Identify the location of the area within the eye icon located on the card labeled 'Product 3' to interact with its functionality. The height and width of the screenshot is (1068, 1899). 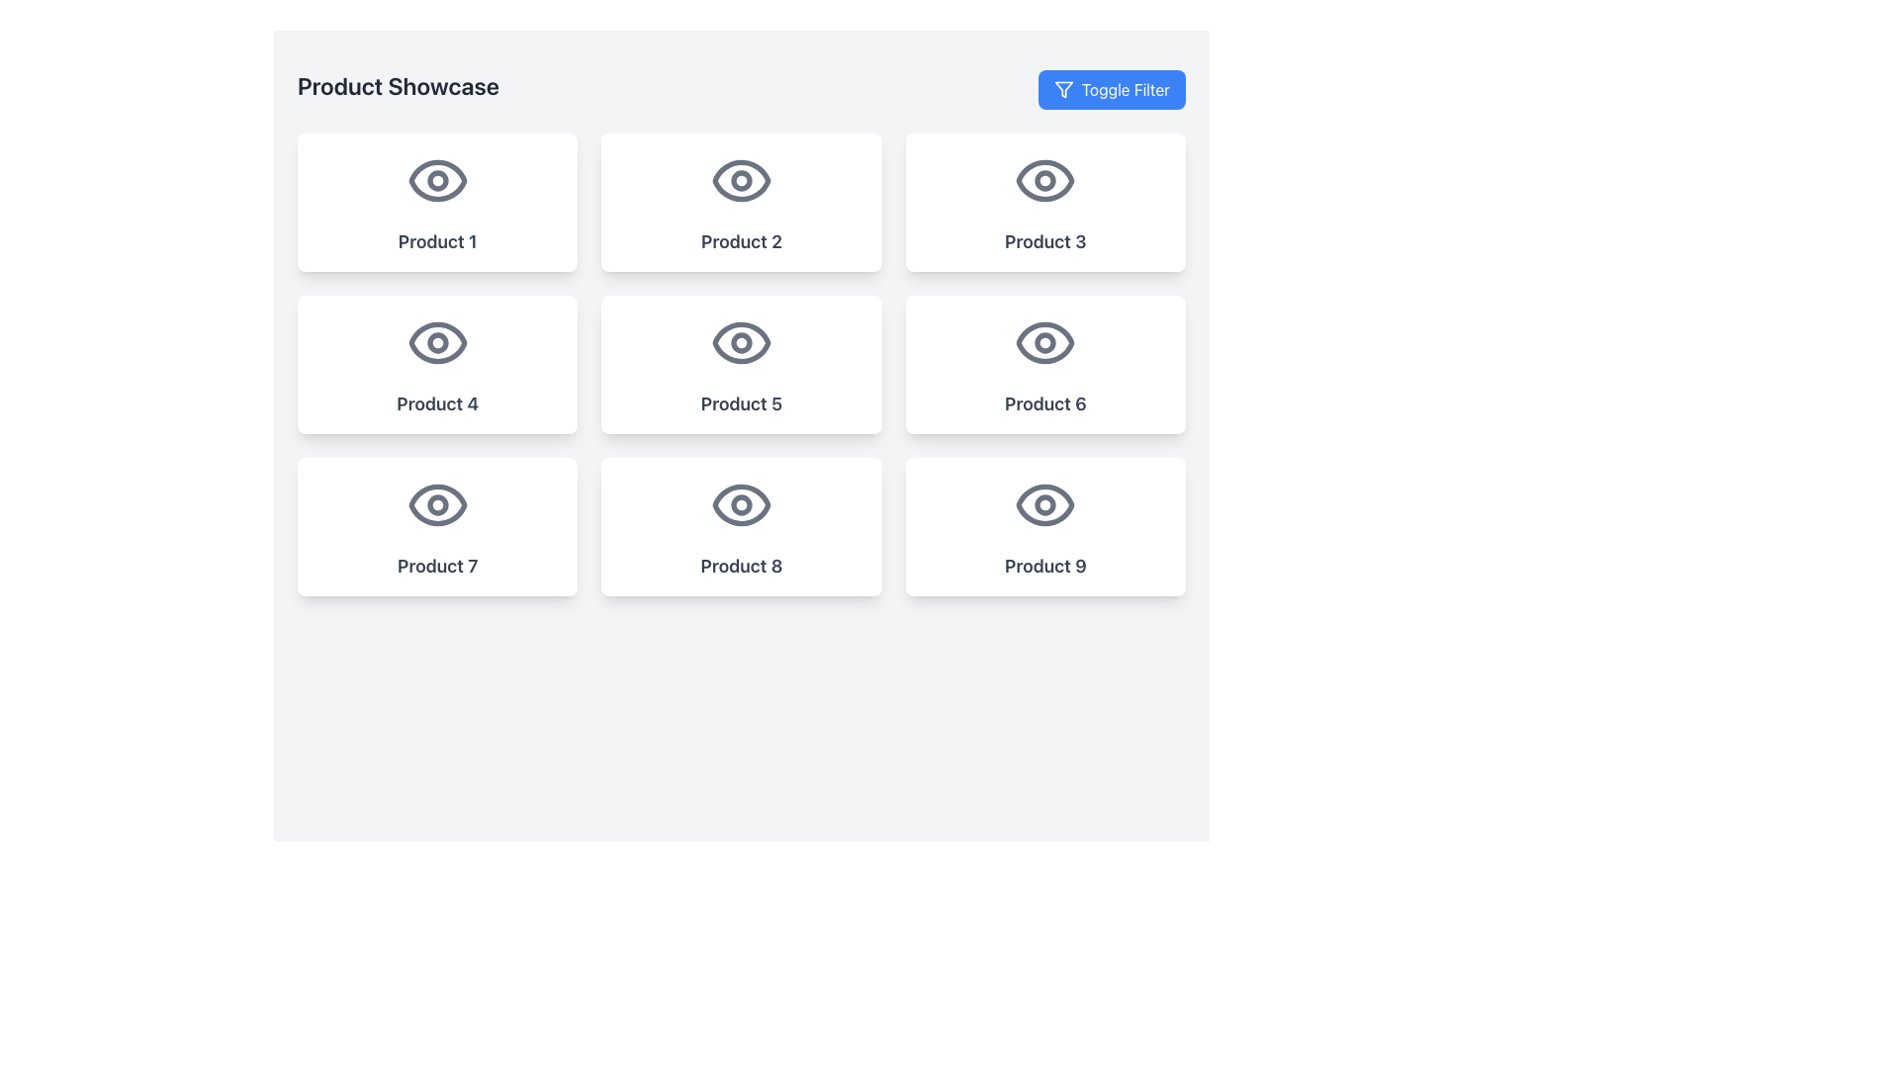
(1044, 180).